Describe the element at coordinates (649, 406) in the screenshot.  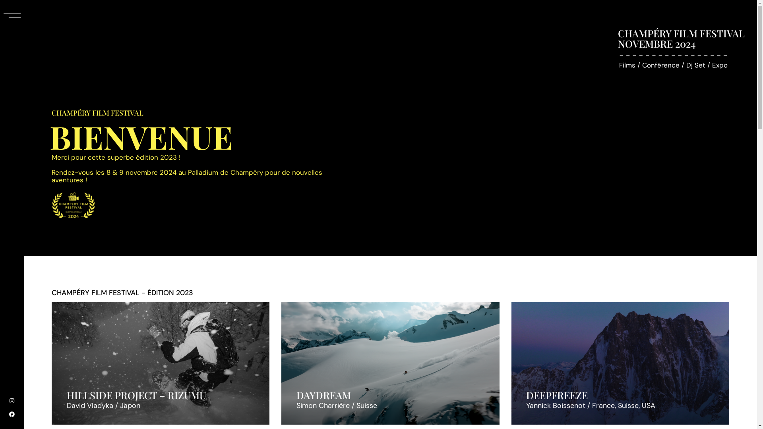
I see `'USA'` at that location.